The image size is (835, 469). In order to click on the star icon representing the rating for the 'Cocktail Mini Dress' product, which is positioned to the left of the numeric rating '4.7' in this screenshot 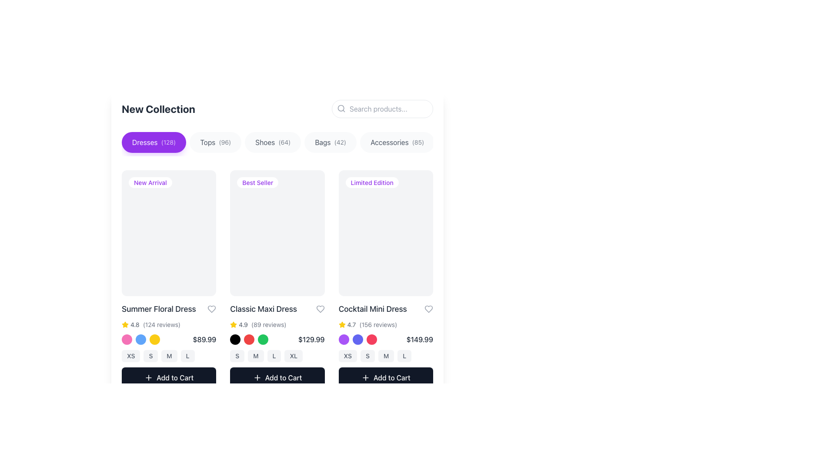, I will do `click(341, 324)`.